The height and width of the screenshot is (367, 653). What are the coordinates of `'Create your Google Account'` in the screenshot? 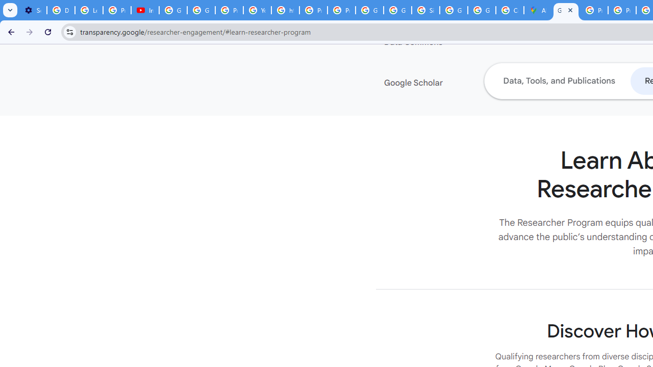 It's located at (510, 10).